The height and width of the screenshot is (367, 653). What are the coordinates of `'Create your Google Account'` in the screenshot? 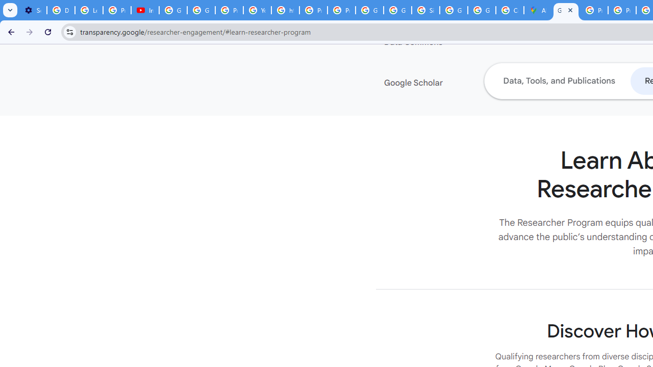 It's located at (510, 10).